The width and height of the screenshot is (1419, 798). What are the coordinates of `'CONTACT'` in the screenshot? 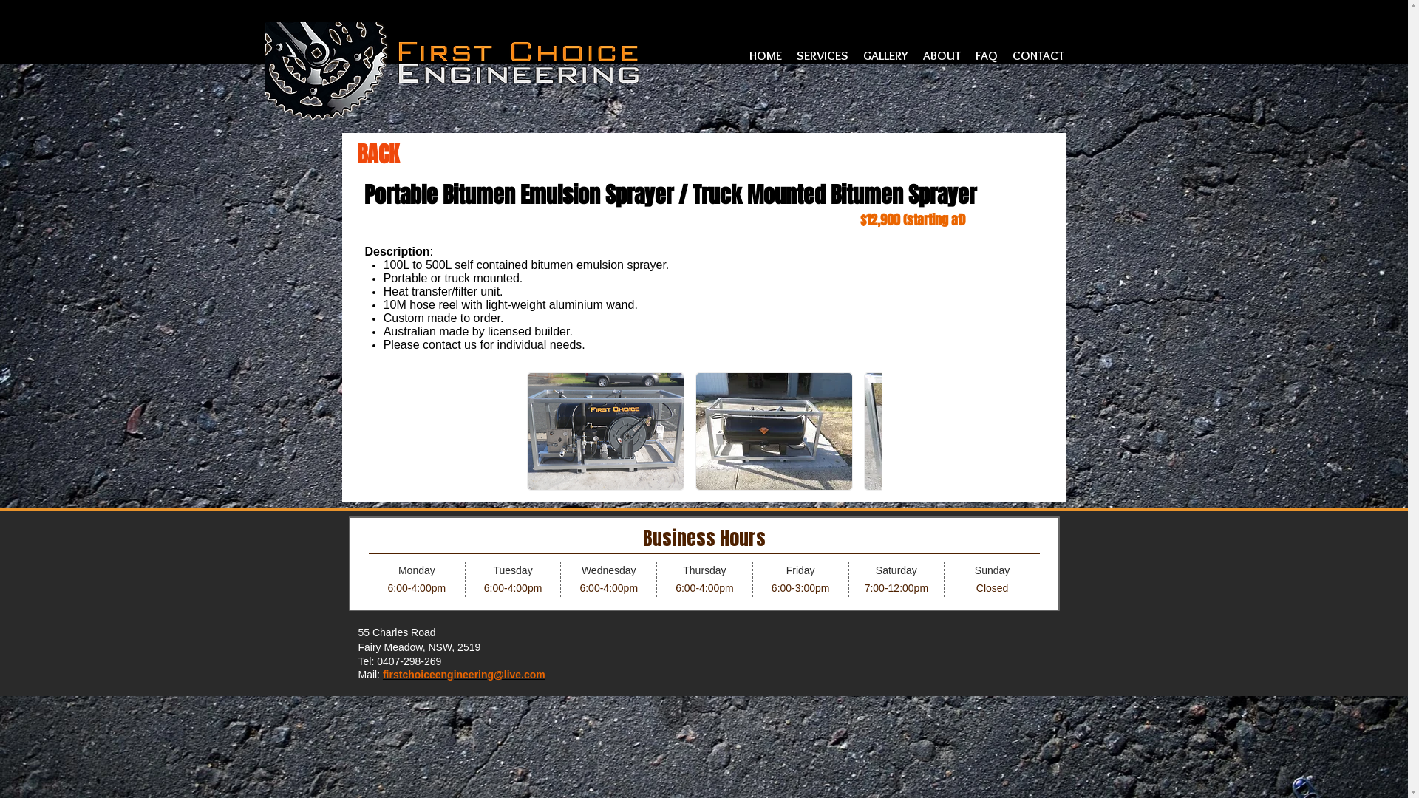 It's located at (1038, 54).